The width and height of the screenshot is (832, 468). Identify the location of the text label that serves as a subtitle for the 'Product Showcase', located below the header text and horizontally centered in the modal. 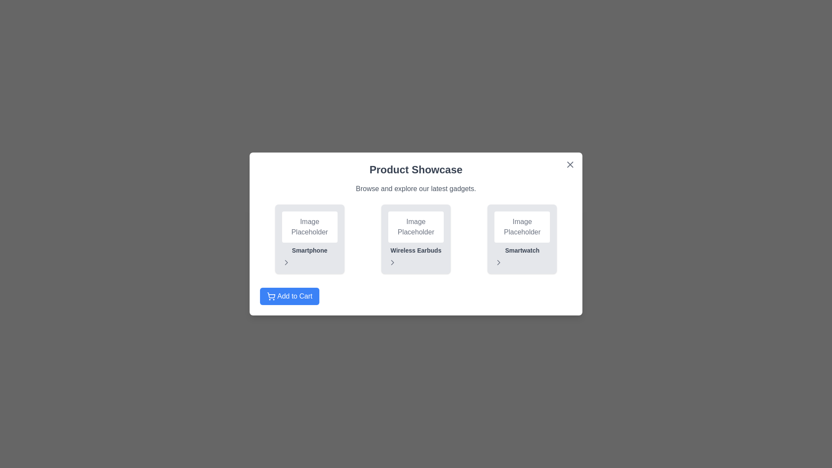
(416, 188).